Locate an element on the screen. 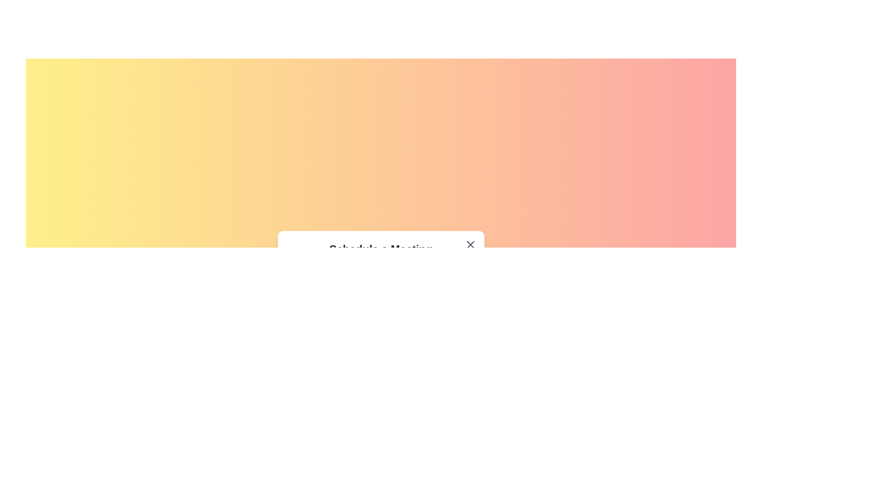 The width and height of the screenshot is (885, 498). the time slot 09:00 AM by clicking on it is located at coordinates (332, 287).